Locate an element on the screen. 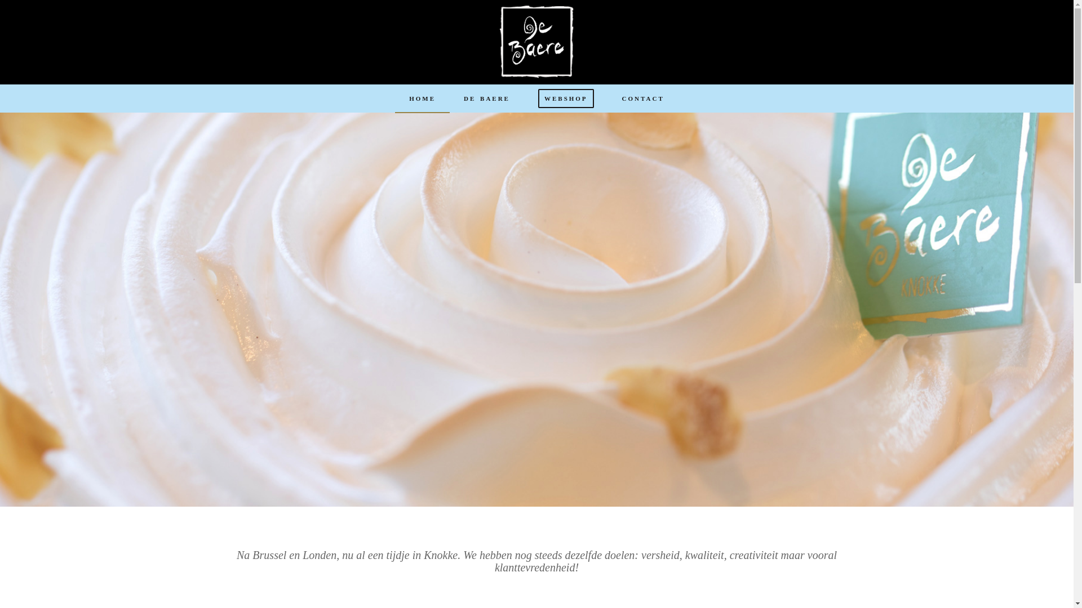  'WEBSHOP' is located at coordinates (566, 97).